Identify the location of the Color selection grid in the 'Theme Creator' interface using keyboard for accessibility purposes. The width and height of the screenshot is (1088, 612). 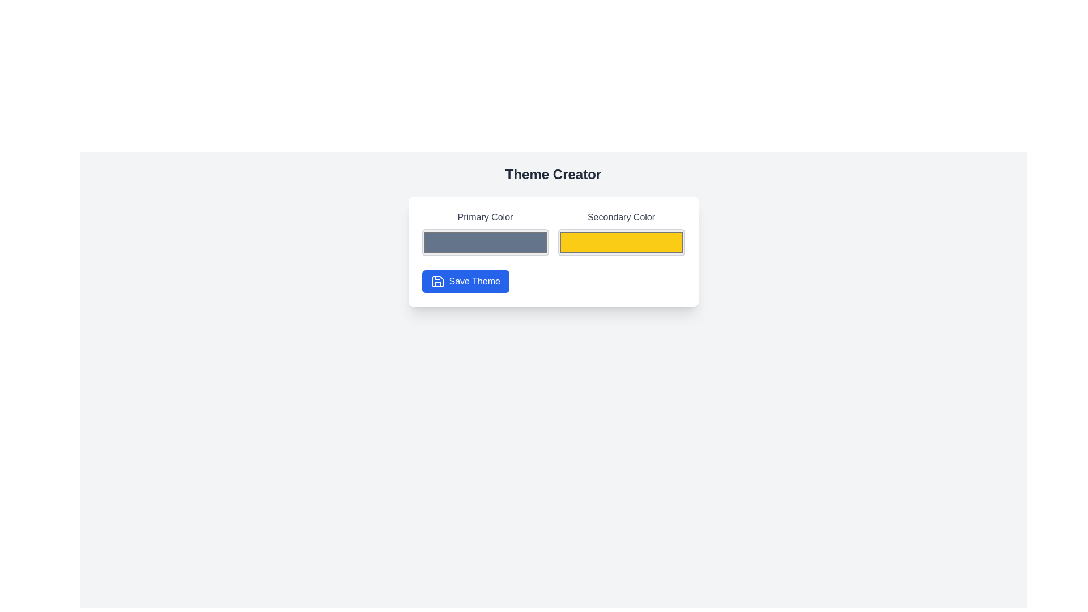
(553, 233).